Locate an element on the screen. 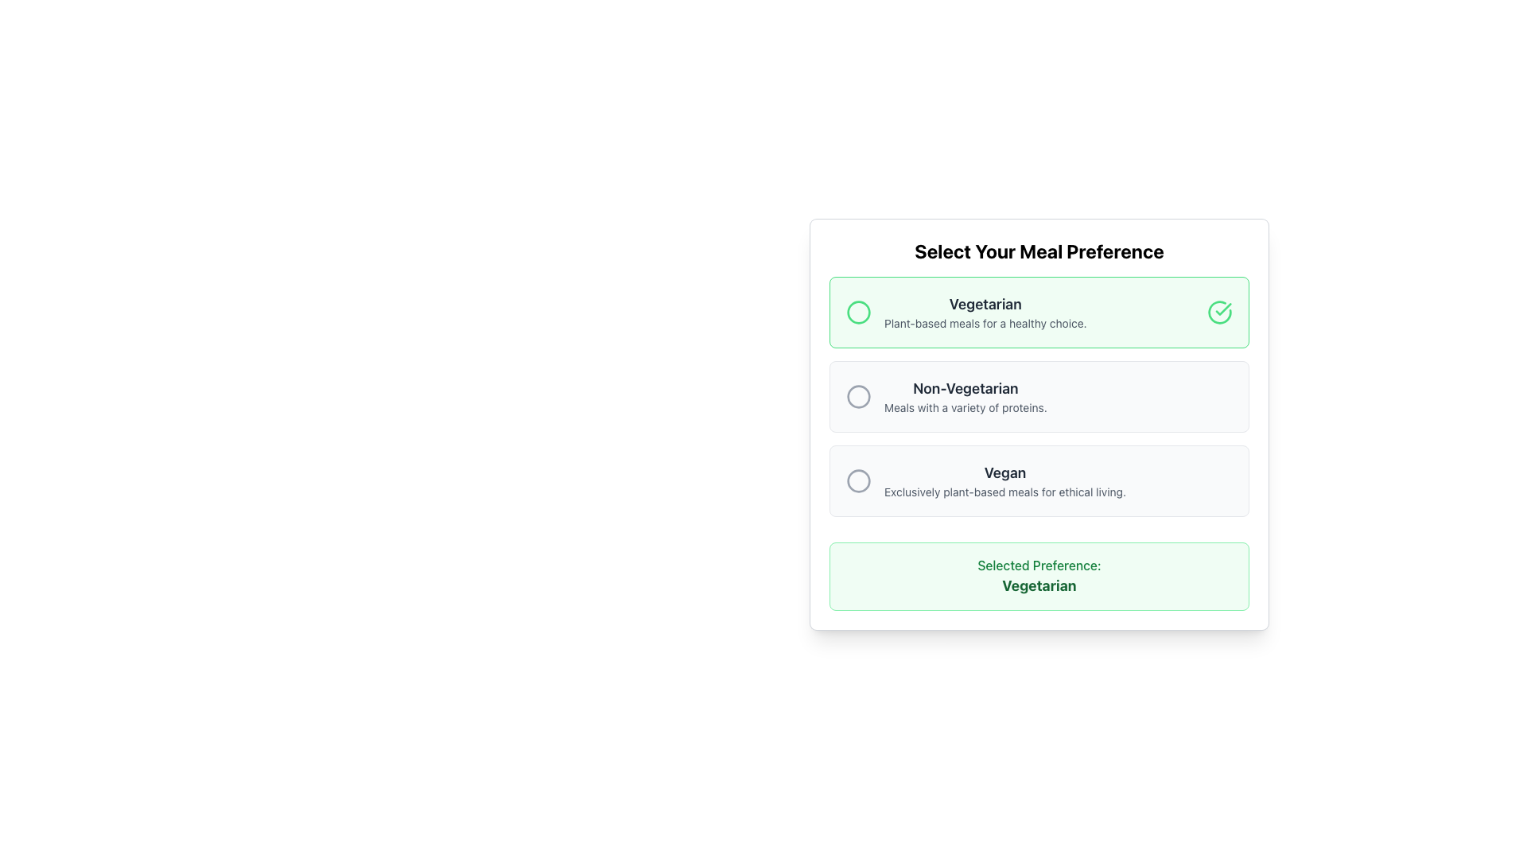  the circular icon indicator within the Non-Vegetarian meals box is located at coordinates (858, 395).